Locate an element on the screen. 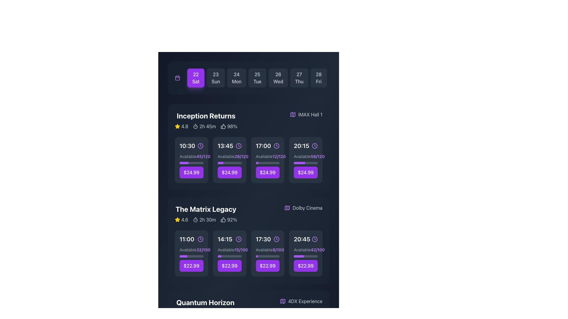 The height and width of the screenshot is (319, 568). the fill level of the progress bar segment located below the 'Available 56/120' text in the 'Inception Returns' section, indicating seat availability is located at coordinates (299, 163).